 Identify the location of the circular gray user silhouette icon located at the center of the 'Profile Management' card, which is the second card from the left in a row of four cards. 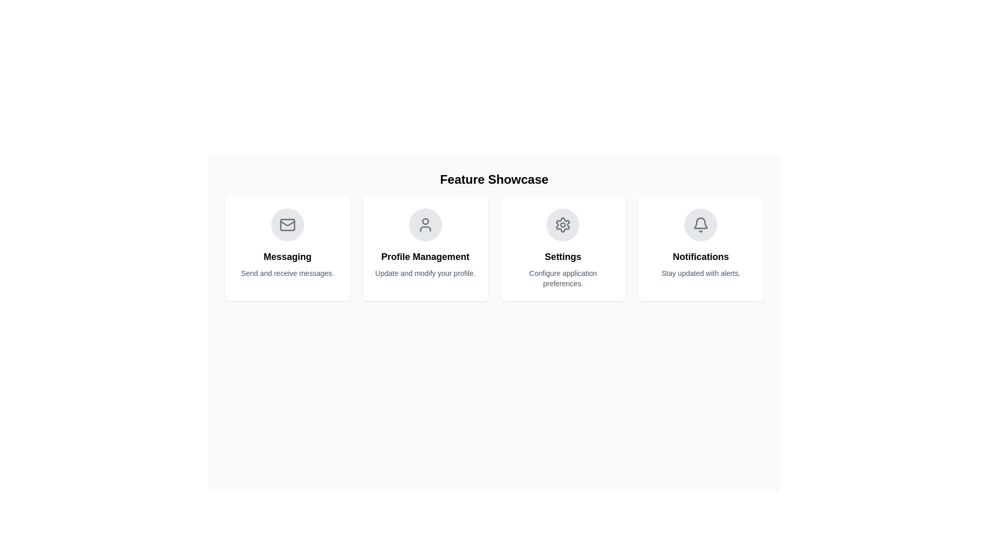
(425, 224).